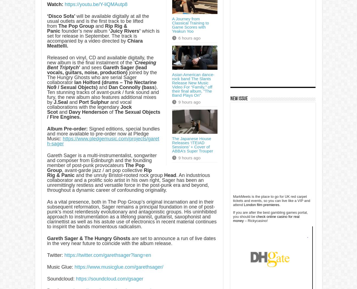 This screenshot has width=357, height=289. Describe the element at coordinates (100, 60) in the screenshot. I see `'Released on vinyl, CD and available digitally, the new album is the final instalment of the ‘'` at that location.